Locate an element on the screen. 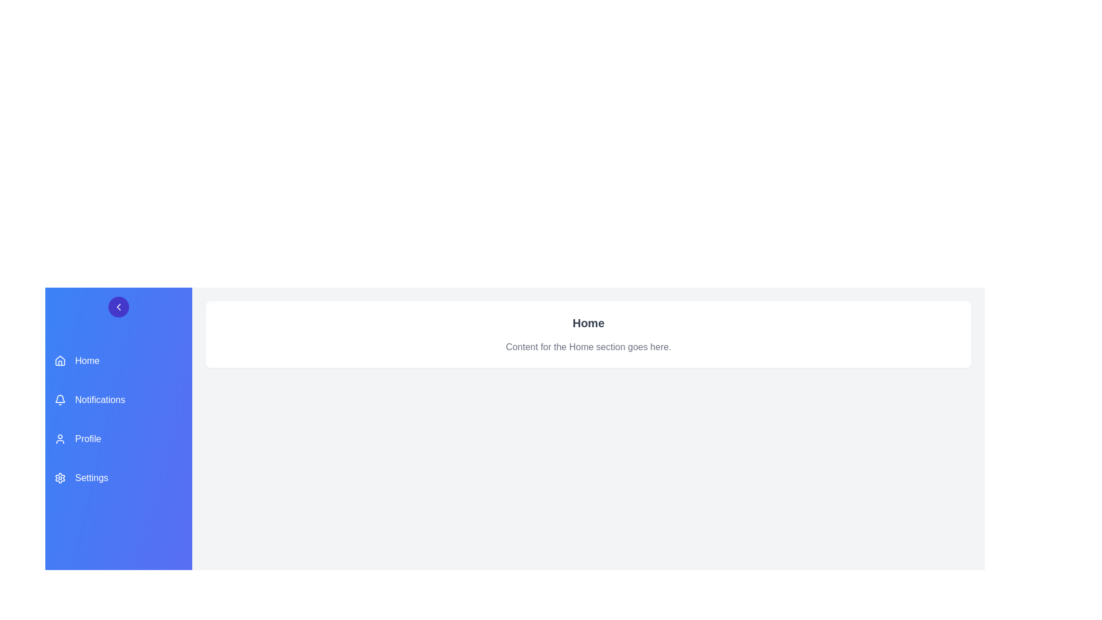  the circular button containing the leftward-pointing chevron icon, which is located at the top-left corner of the sidebar is located at coordinates (118, 307).